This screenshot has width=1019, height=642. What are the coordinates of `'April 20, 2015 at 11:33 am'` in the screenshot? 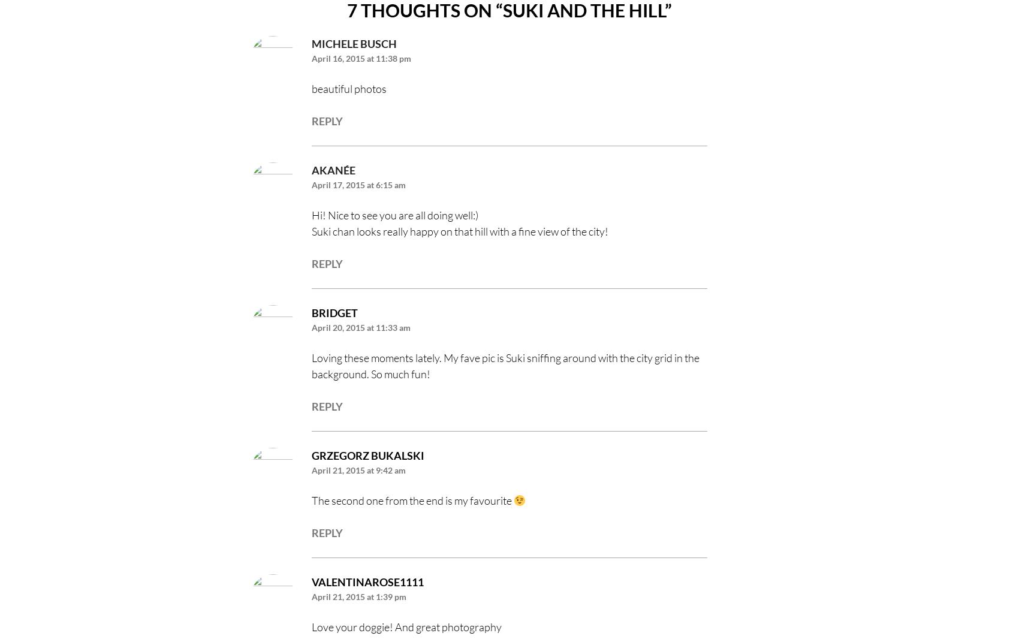 It's located at (360, 327).